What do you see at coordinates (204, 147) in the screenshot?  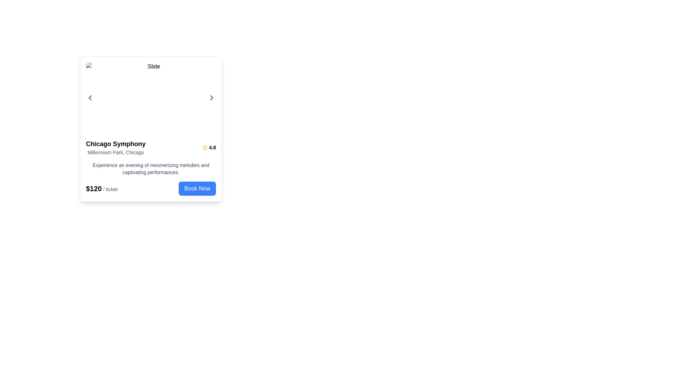 I see `the star icon with a yellow fill and black outline located to the right of the numeric rating text, which represents a user rating` at bounding box center [204, 147].